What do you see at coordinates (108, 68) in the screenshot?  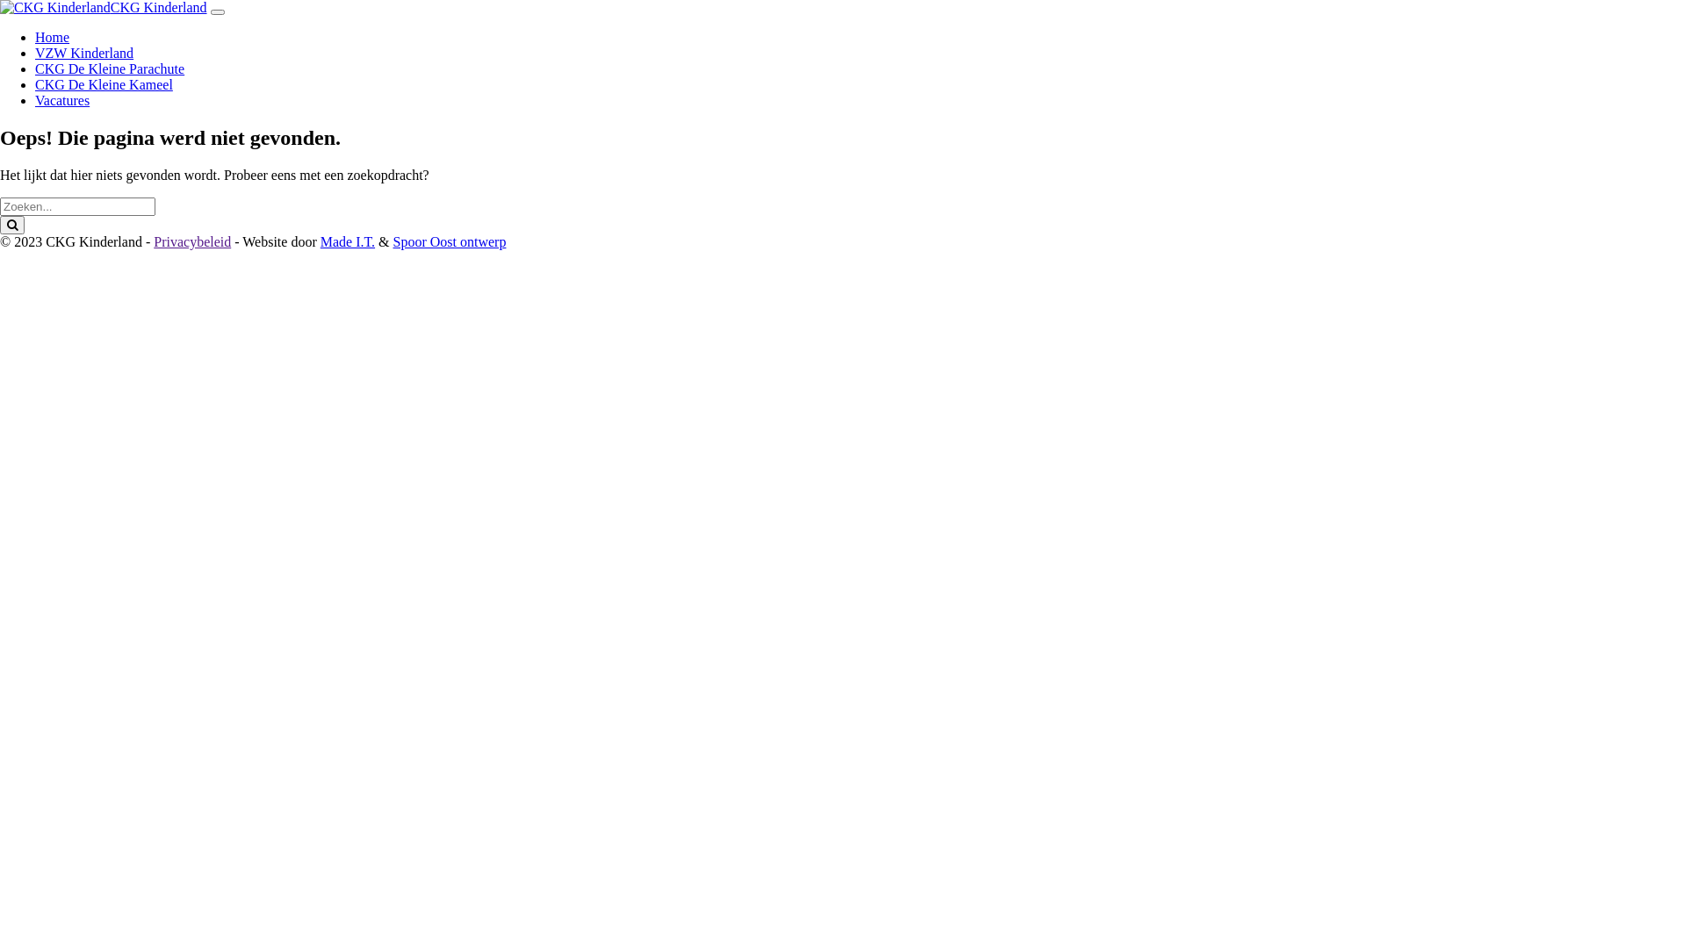 I see `'CKG De Kleine Parachute'` at bounding box center [108, 68].